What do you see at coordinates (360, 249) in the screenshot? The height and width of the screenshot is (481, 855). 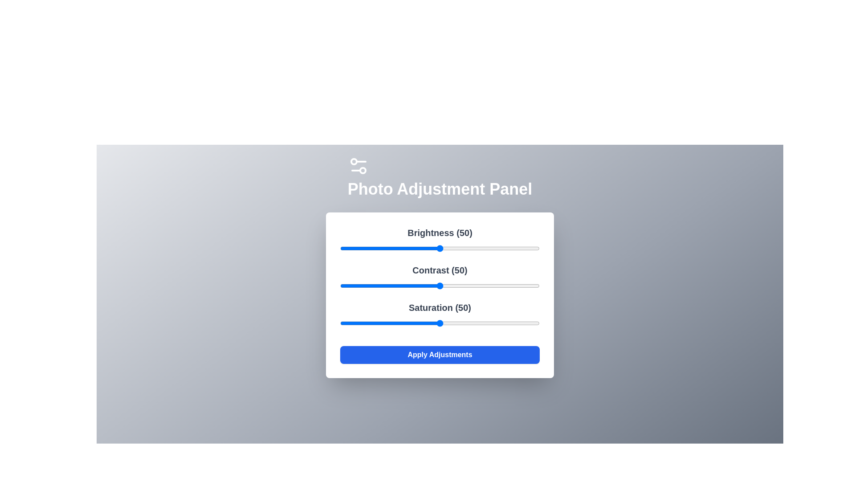 I see `the 0 slider to 10` at bounding box center [360, 249].